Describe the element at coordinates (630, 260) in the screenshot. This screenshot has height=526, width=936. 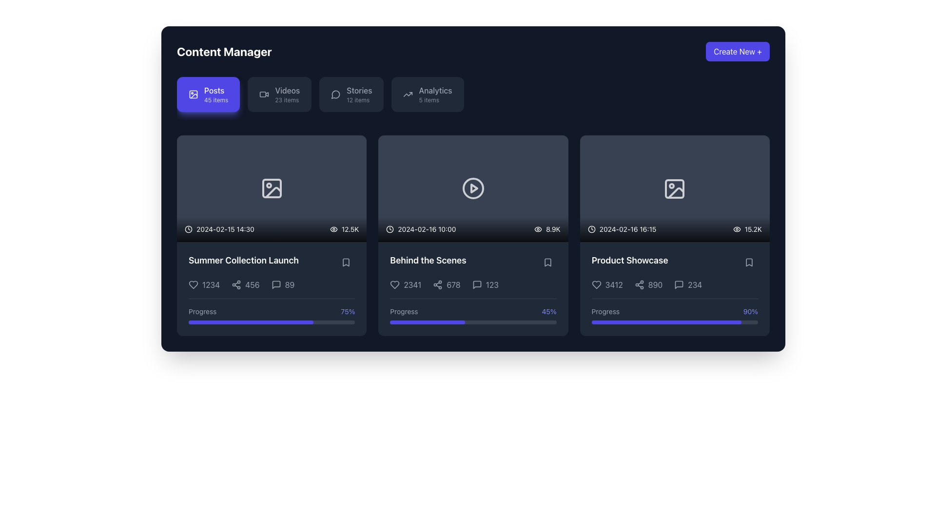
I see `the text label displaying 'Product Showcase' in bold white font, located at the bottom of the rightmost content card in a three-card layout` at that location.